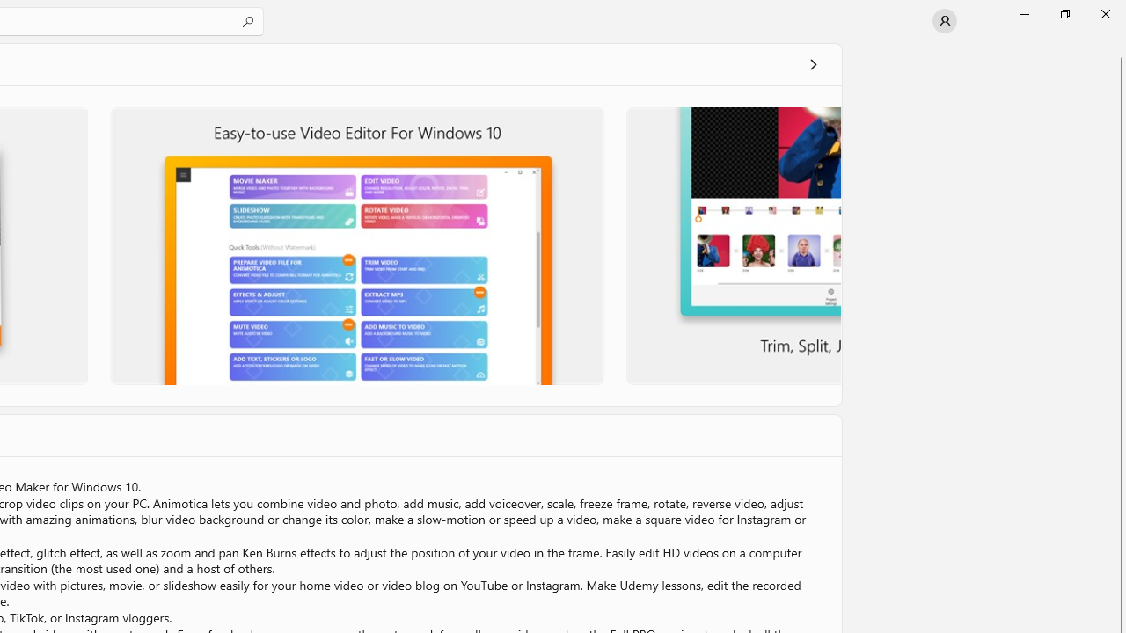 The image size is (1126, 633). What do you see at coordinates (943, 21) in the screenshot?
I see `'User profile'` at bounding box center [943, 21].